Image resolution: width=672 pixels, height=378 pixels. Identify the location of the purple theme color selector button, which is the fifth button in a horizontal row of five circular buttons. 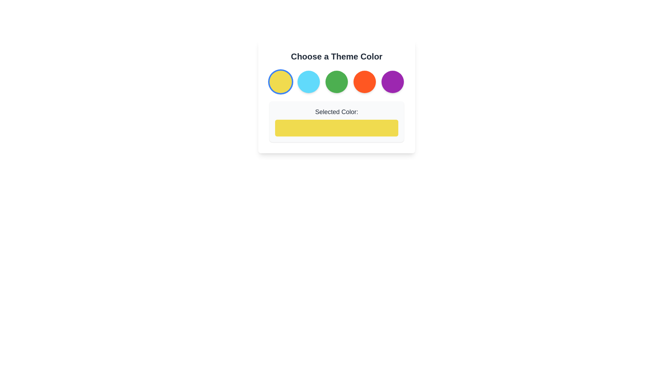
(393, 82).